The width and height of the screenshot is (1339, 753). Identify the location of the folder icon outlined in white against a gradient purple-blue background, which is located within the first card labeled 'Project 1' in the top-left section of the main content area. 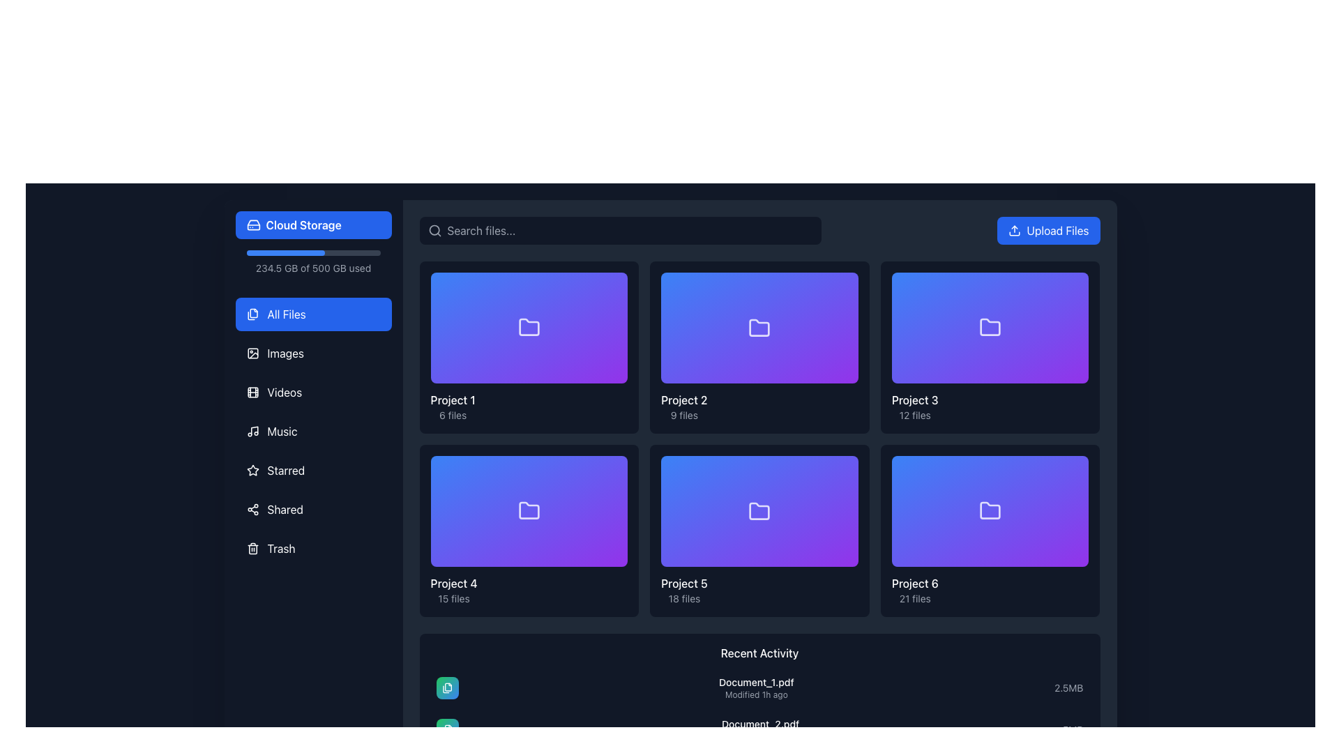
(528, 327).